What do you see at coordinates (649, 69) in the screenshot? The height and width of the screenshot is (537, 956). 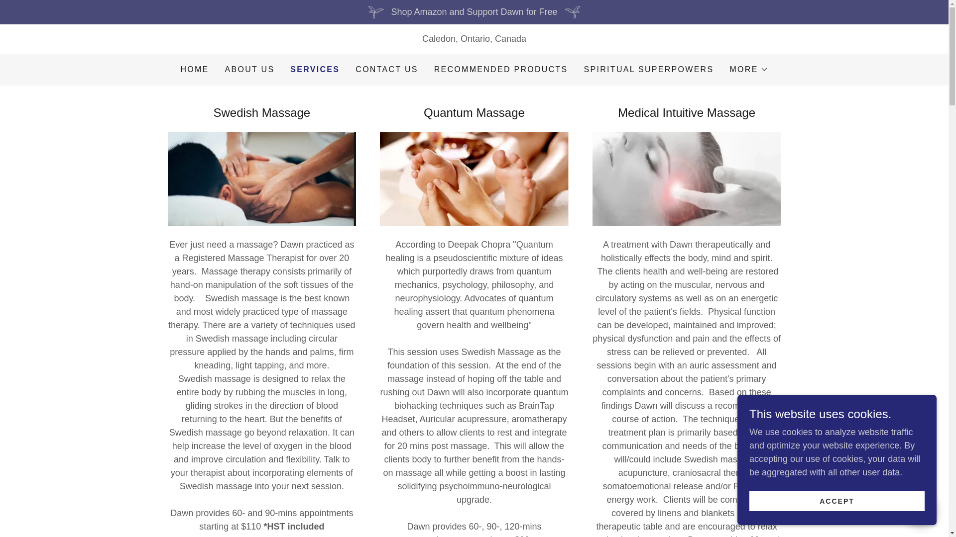 I see `'SPIRITUAL SUPERPOWERS'` at bounding box center [649, 69].